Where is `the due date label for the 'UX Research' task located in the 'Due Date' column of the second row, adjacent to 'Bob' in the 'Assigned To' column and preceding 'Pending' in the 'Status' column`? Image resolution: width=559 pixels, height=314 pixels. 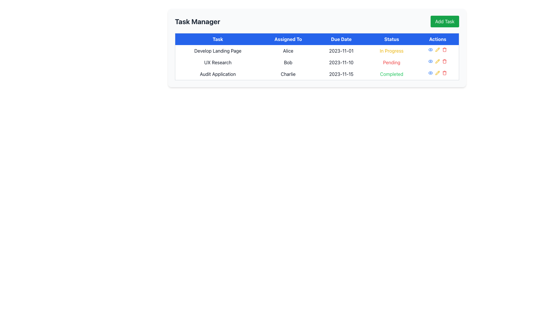
the due date label for the 'UX Research' task located in the 'Due Date' column of the second row, adjacent to 'Bob' in the 'Assigned To' column and preceding 'Pending' in the 'Status' column is located at coordinates (341, 63).